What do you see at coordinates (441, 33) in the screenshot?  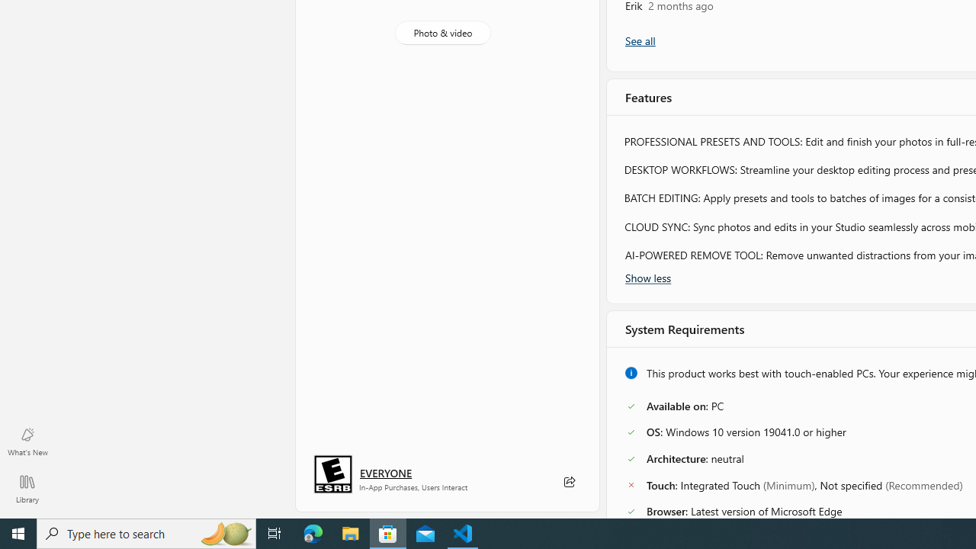 I see `'Photo & video'` at bounding box center [441, 33].